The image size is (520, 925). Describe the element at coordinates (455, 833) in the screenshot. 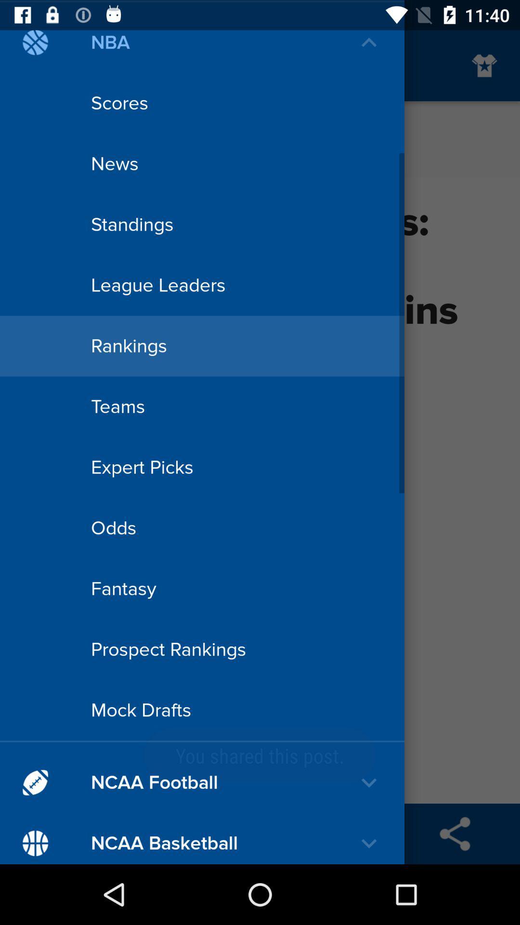

I see `the share icon` at that location.